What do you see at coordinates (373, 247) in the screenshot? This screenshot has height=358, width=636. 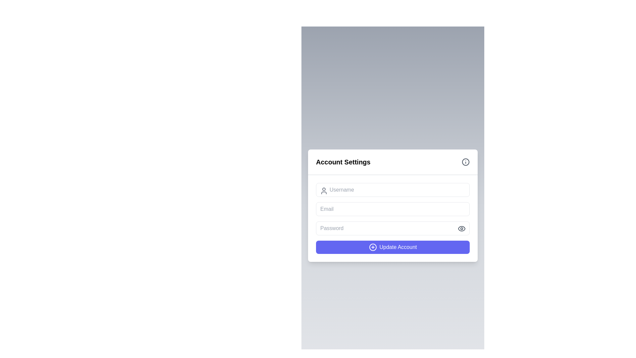 I see `the circular icon with a plus sign inside, located to the left of the text in the 'Update Account' button` at bounding box center [373, 247].